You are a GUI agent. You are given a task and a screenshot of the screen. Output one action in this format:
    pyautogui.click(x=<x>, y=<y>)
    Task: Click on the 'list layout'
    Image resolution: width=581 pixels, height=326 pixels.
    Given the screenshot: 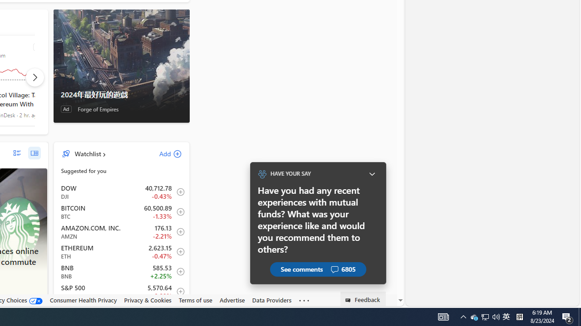 What is the action you would take?
    pyautogui.click(x=17, y=153)
    